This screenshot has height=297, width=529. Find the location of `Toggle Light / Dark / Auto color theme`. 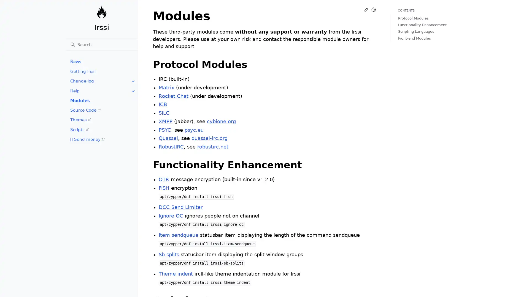

Toggle Light / Dark / Auto color theme is located at coordinates (373, 9).